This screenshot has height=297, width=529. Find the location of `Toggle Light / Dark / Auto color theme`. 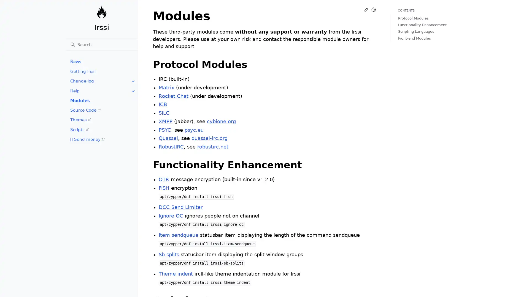

Toggle Light / Dark / Auto color theme is located at coordinates (373, 9).